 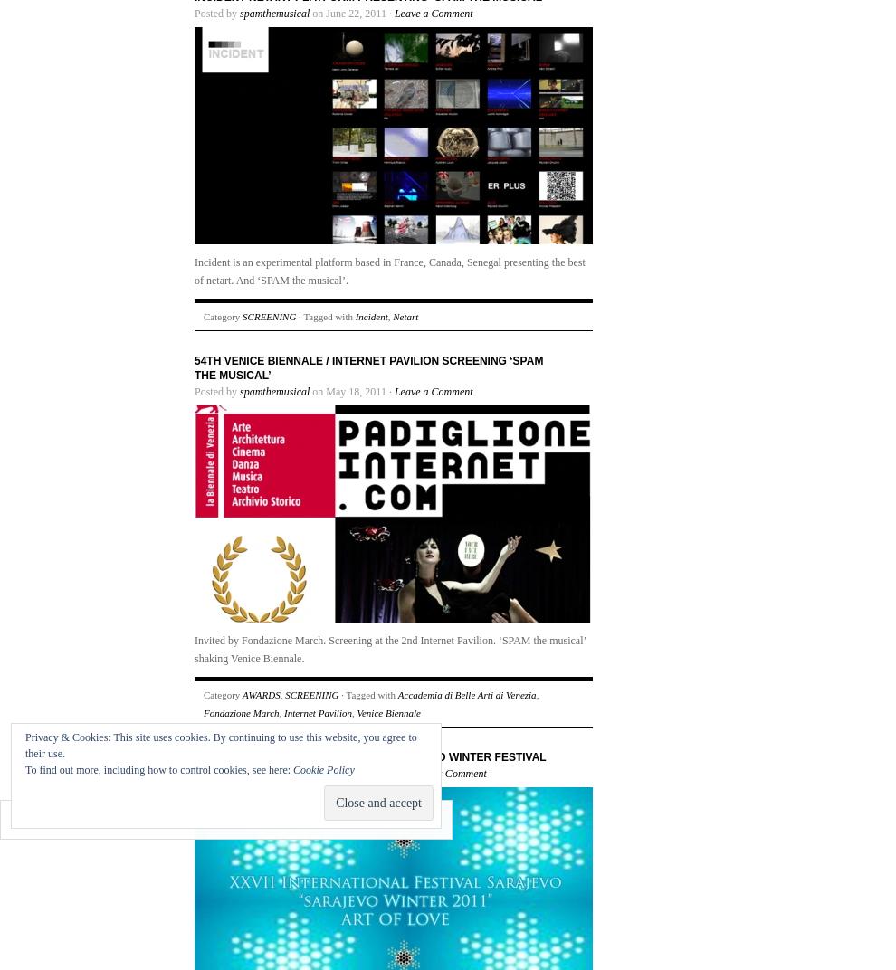 What do you see at coordinates (367, 367) in the screenshot?
I see `'54th Venice Biennale / Internet Pavilion                                         screening ‘SPAM the musical’'` at bounding box center [367, 367].